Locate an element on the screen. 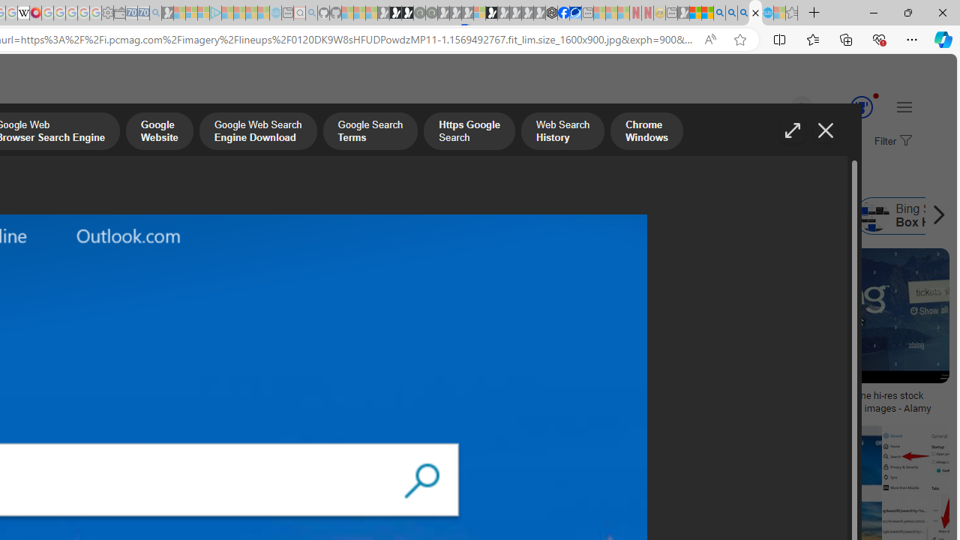 The image size is (960, 540). 'Target page - Wikipedia' is located at coordinates (24, 13).